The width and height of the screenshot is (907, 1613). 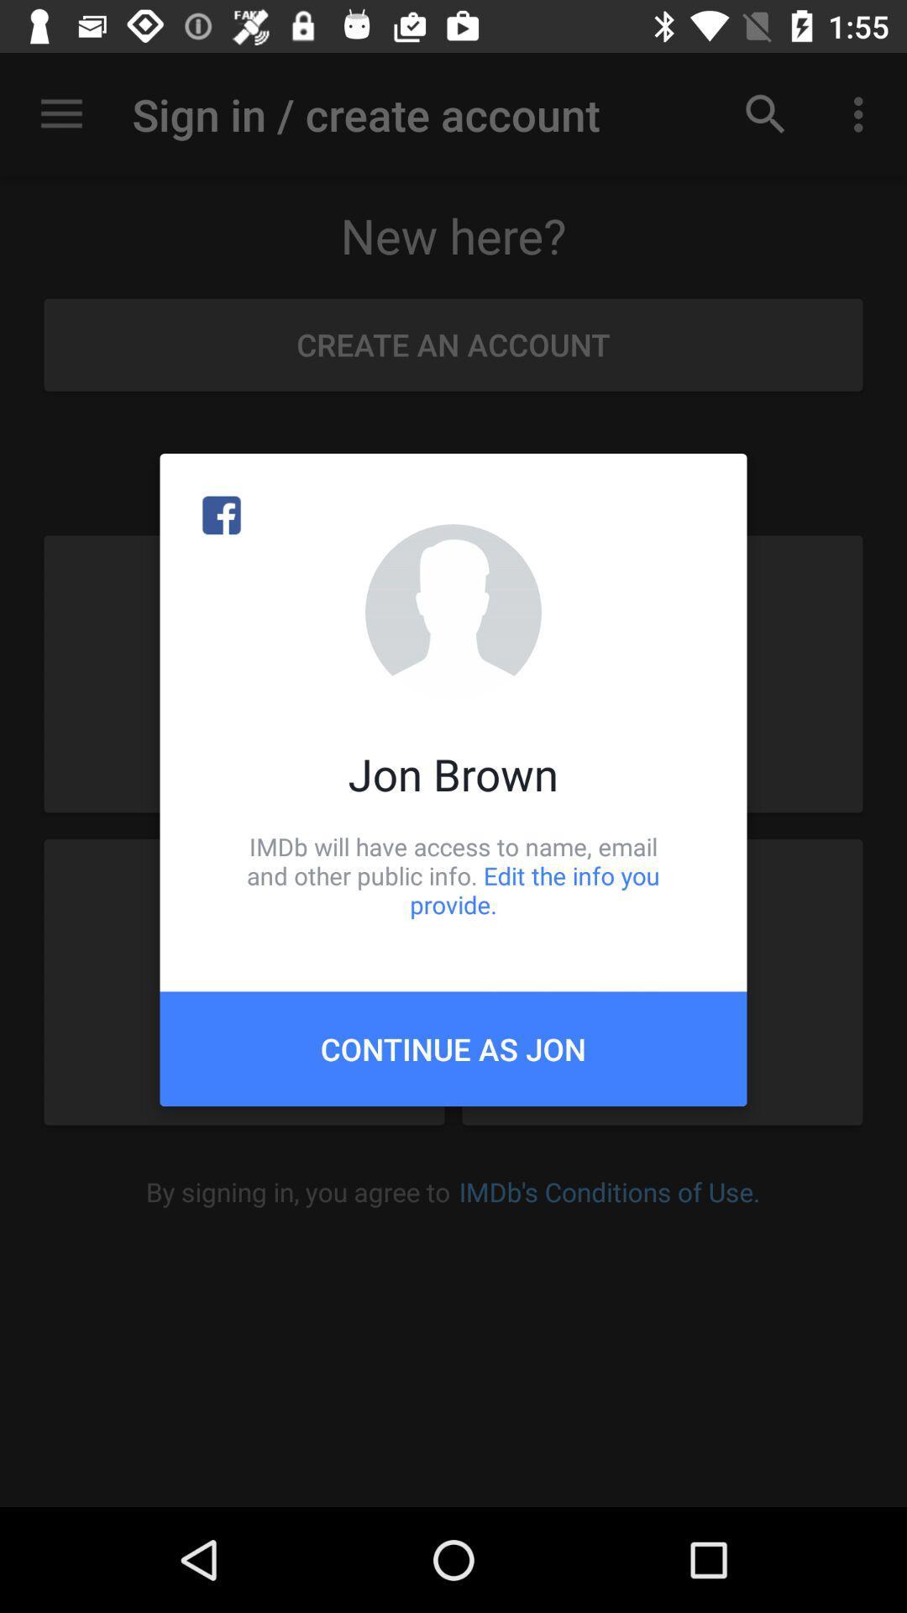 What do you see at coordinates (453, 1048) in the screenshot?
I see `item below the imdb will have` at bounding box center [453, 1048].